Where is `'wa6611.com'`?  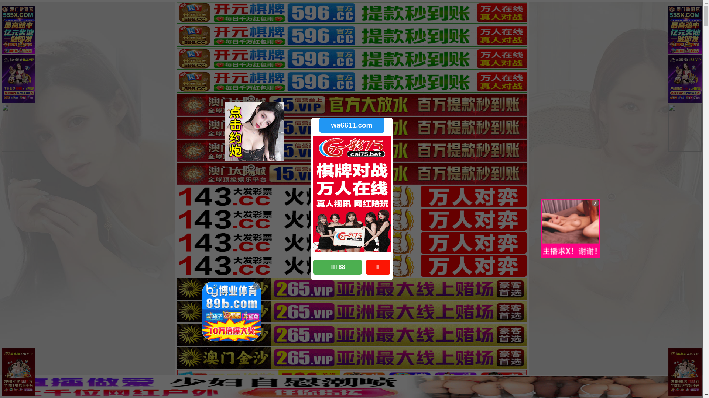
'wa6611.com' is located at coordinates (351, 125).